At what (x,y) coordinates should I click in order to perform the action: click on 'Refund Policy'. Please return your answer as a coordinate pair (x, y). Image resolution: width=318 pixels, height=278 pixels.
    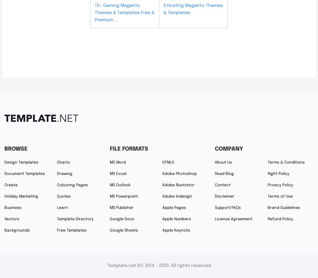
    Looking at the image, I should click on (280, 219).